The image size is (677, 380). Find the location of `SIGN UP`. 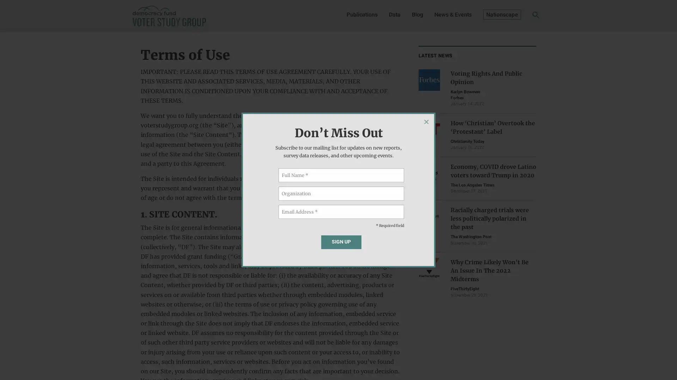

SIGN UP is located at coordinates (341, 241).